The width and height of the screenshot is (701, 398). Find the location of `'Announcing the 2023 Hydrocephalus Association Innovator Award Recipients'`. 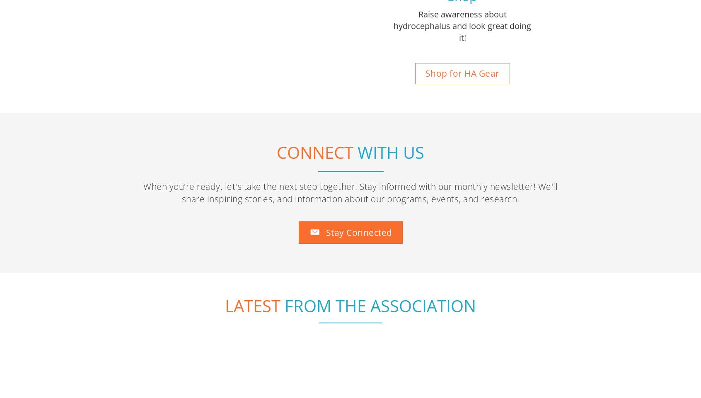

'Announcing the 2023 Hydrocephalus Association Innovator Award Recipients' is located at coordinates (143, 329).